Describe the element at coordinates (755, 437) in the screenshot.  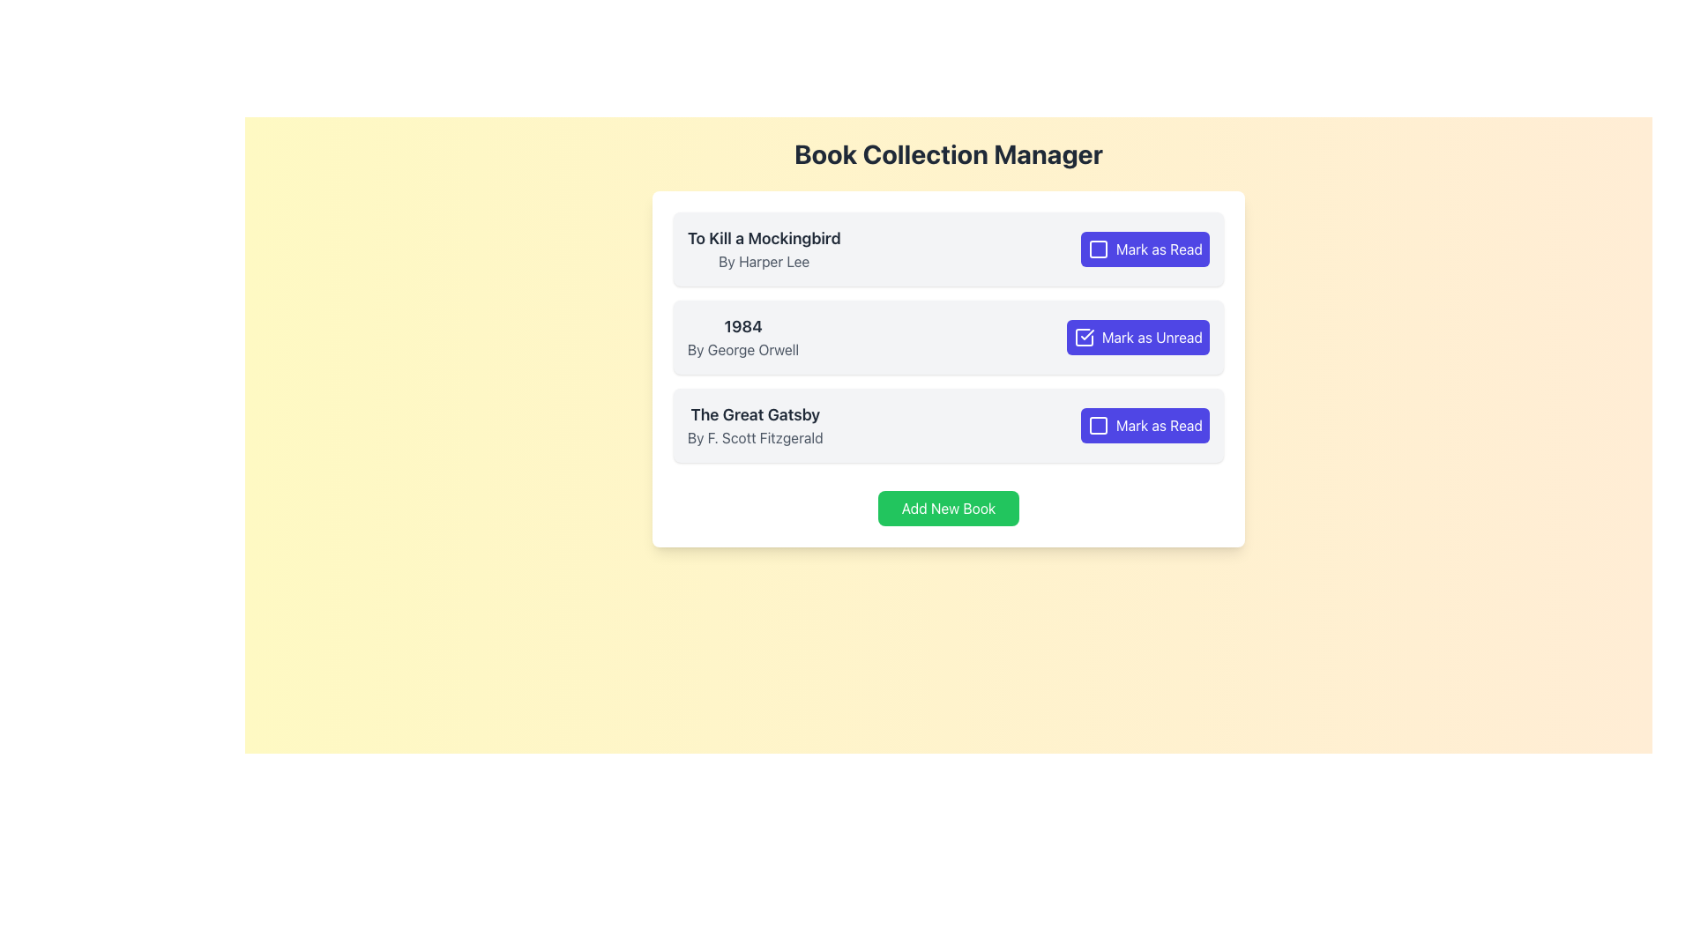
I see `the text element that displays 'By F. Scott Fitzgerald', which is styled in gray and positioned directly below 'The Great Gatsby'` at that location.